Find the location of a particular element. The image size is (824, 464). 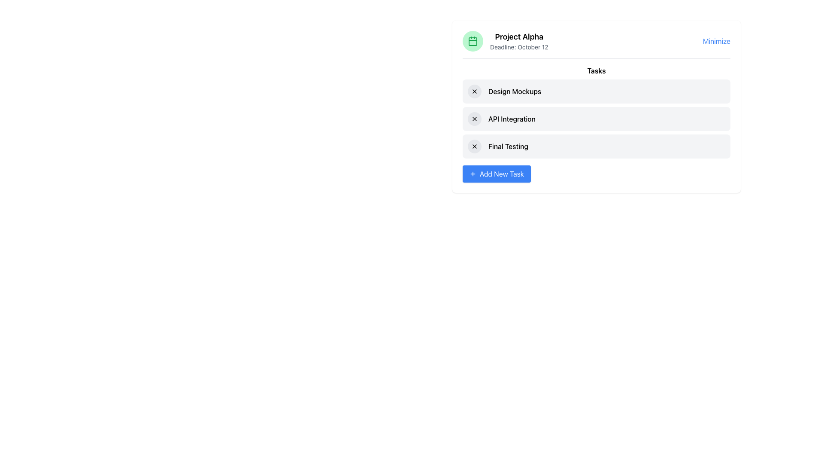

the circular button with a light-gray background and 'X' icon, located to the left of the 'Final Testing' text is located at coordinates (474, 146).